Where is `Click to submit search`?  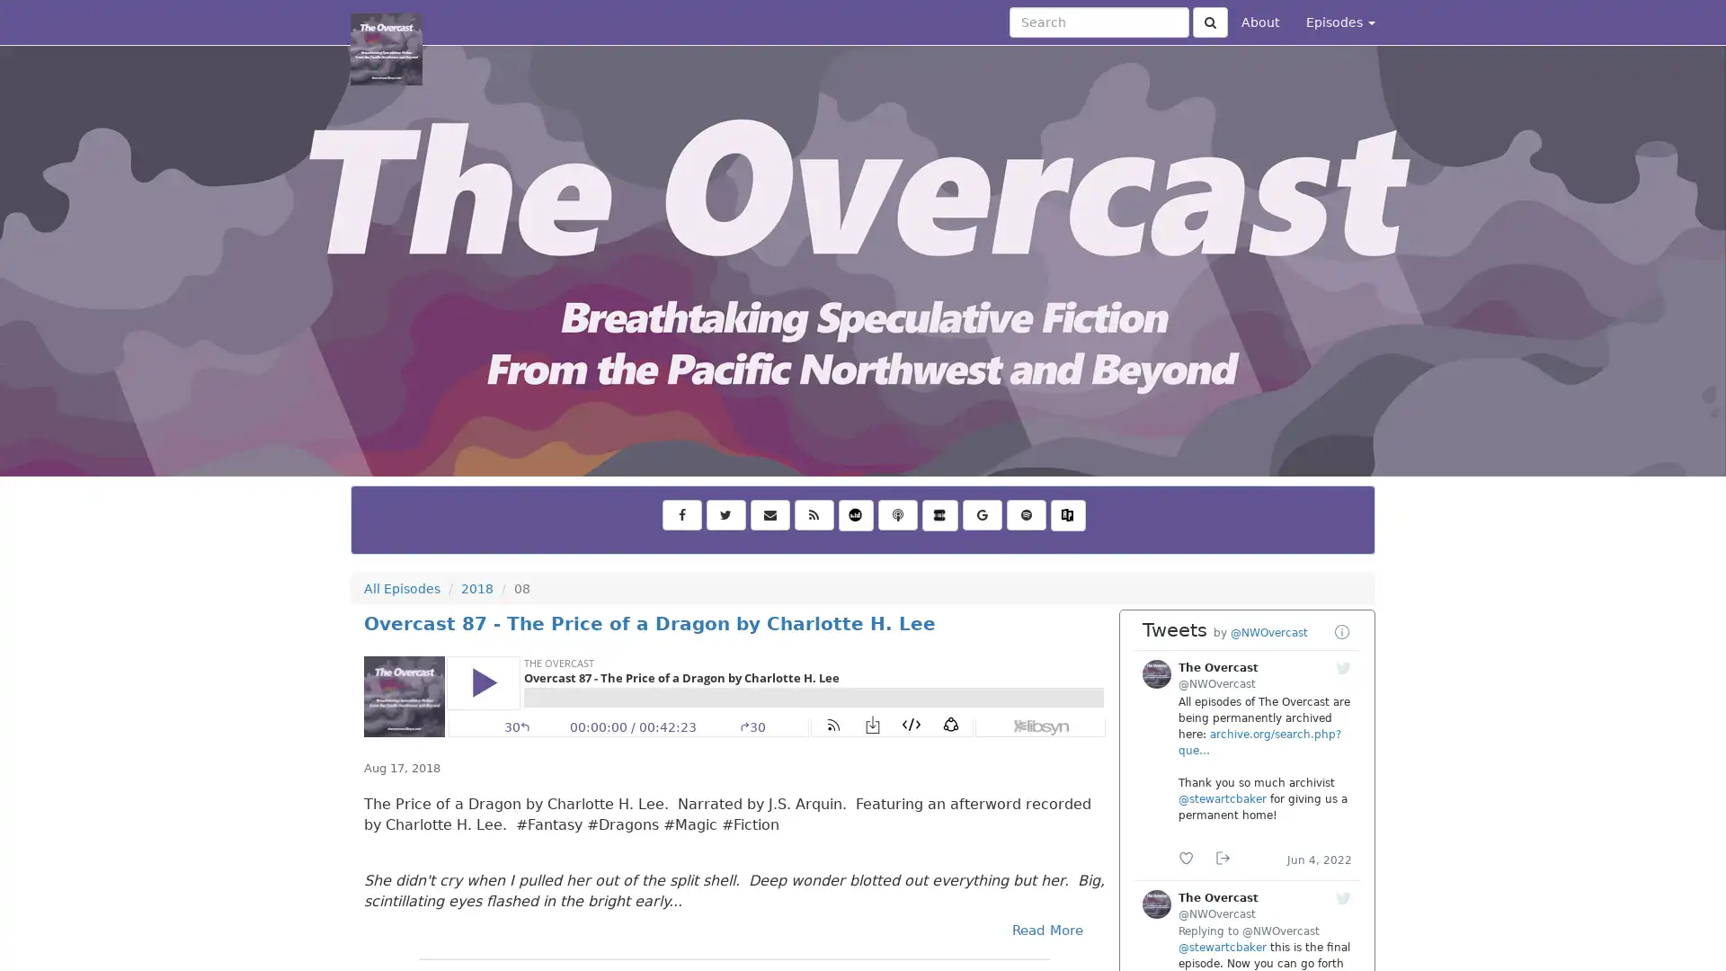
Click to submit search is located at coordinates (1210, 22).